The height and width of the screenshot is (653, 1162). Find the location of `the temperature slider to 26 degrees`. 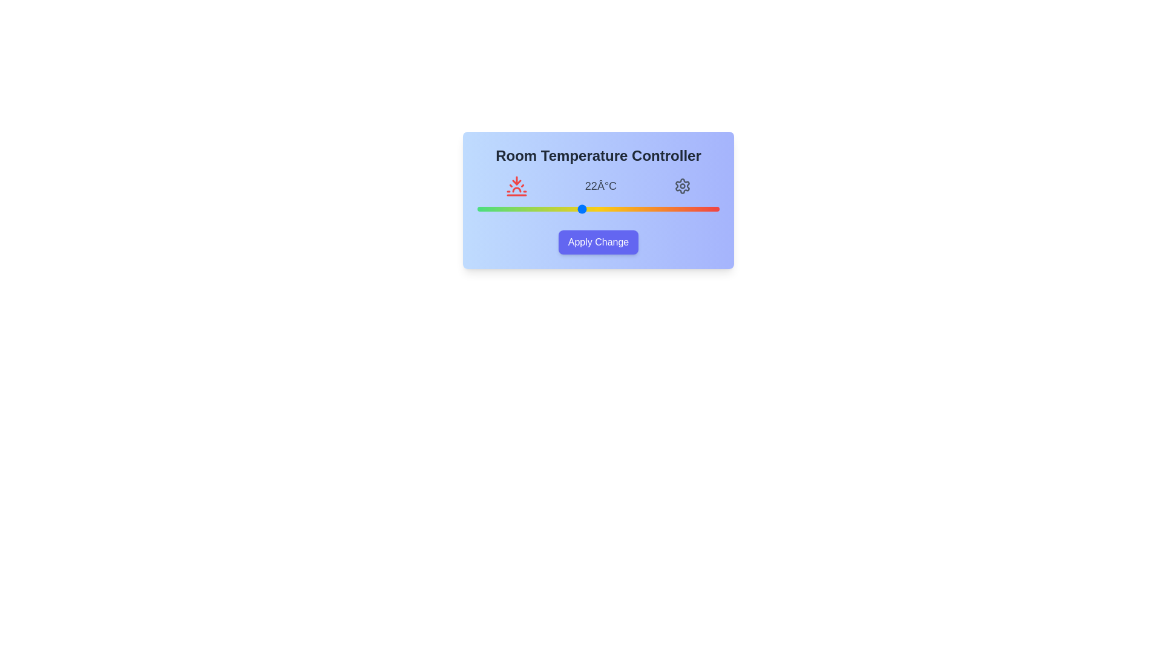

the temperature slider to 26 degrees is located at coordinates (649, 209).